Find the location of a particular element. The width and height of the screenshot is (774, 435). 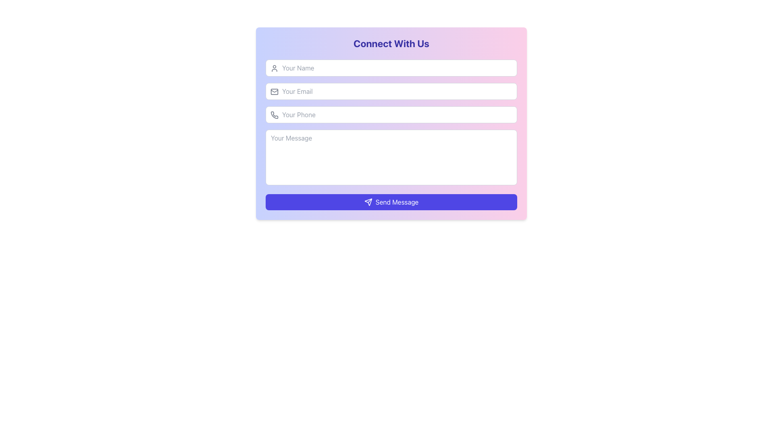

the telephone handset icon located at the top-left corner of the 'Your Phone' input field is located at coordinates (275, 115).